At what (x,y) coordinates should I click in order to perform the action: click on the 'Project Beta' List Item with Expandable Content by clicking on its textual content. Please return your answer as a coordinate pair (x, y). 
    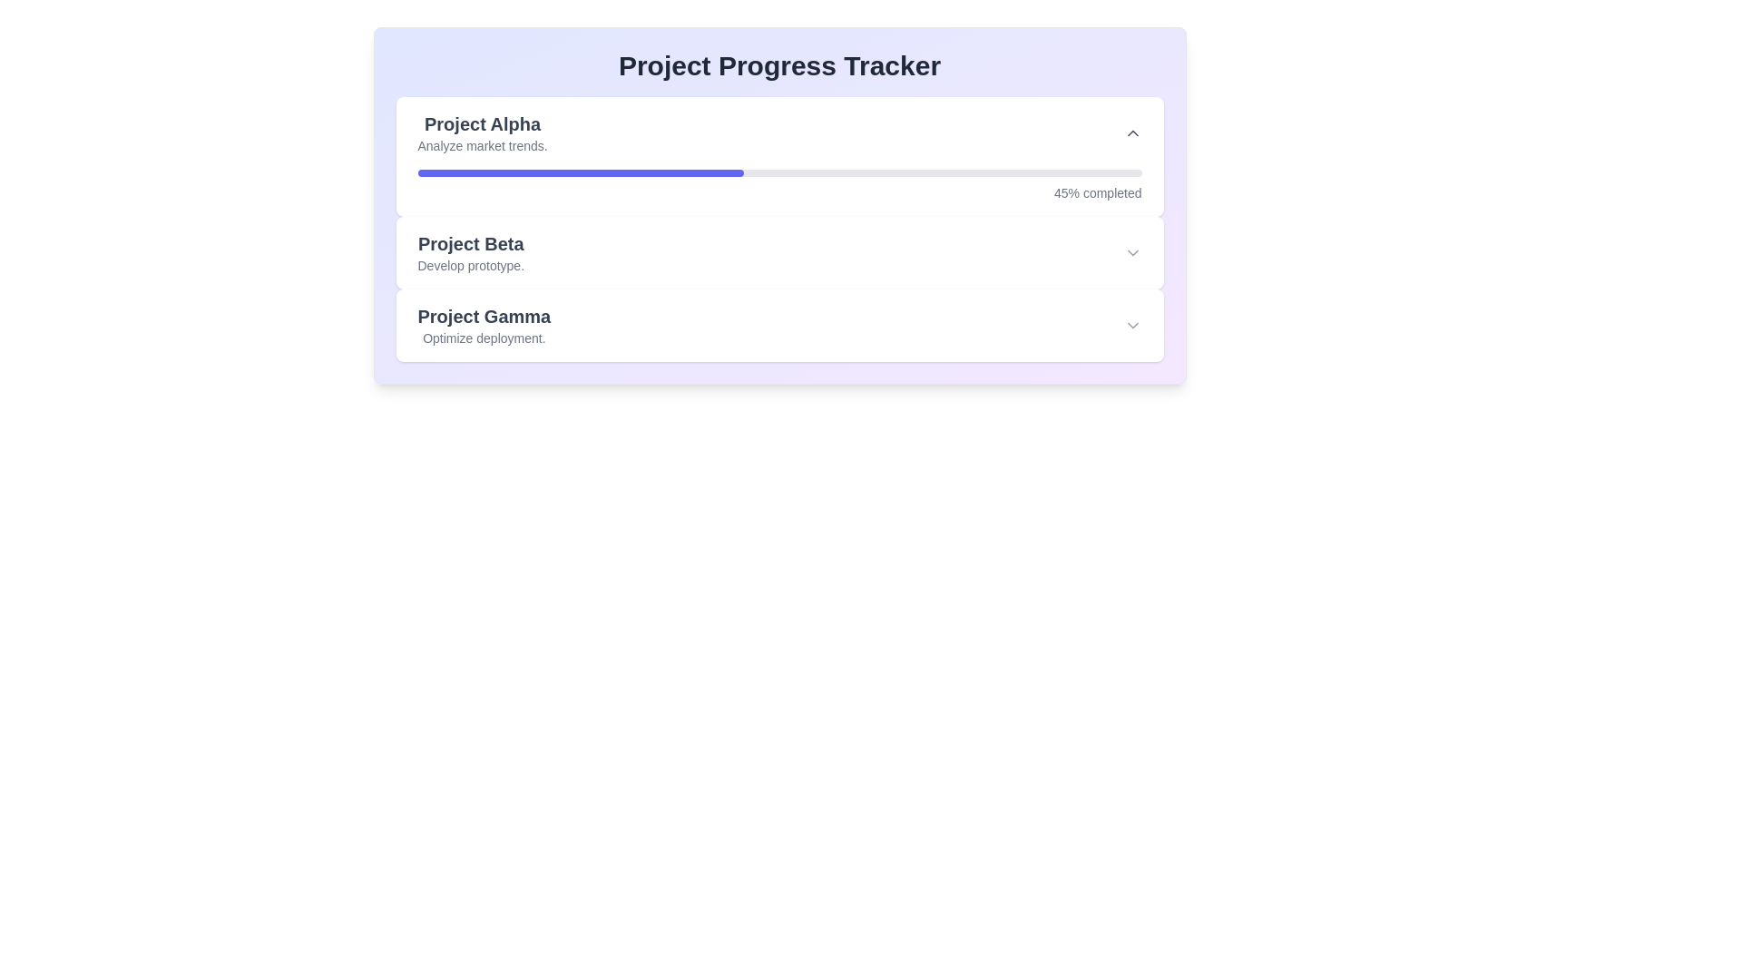
    Looking at the image, I should click on (779, 252).